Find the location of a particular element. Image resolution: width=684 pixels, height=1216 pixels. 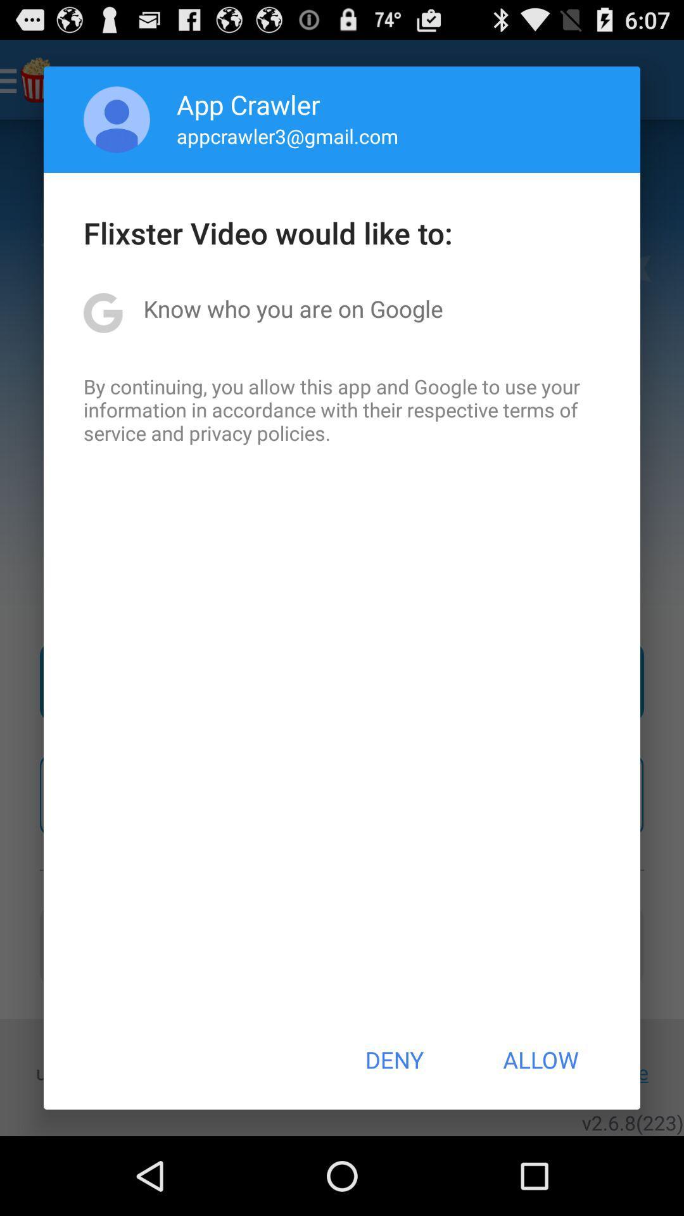

the app below the by continuing you item is located at coordinates (393, 1060).